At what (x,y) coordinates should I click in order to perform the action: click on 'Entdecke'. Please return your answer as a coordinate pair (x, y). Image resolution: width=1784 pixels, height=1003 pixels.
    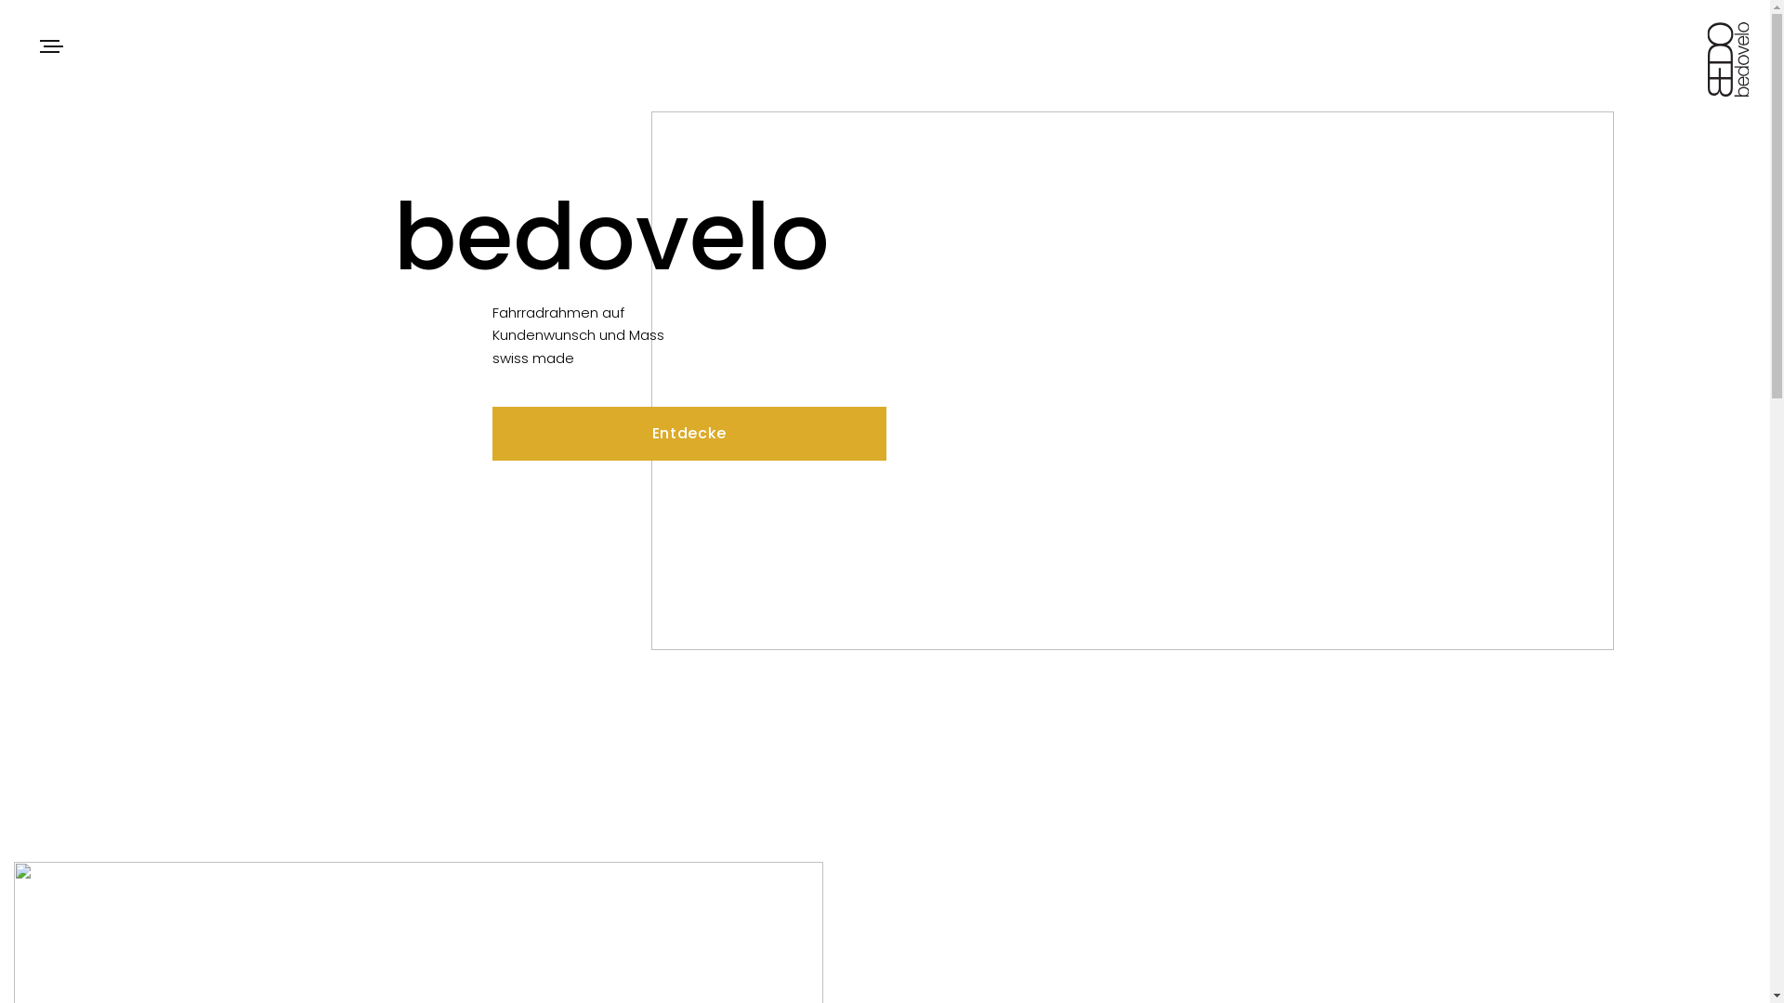
    Looking at the image, I should click on (689, 433).